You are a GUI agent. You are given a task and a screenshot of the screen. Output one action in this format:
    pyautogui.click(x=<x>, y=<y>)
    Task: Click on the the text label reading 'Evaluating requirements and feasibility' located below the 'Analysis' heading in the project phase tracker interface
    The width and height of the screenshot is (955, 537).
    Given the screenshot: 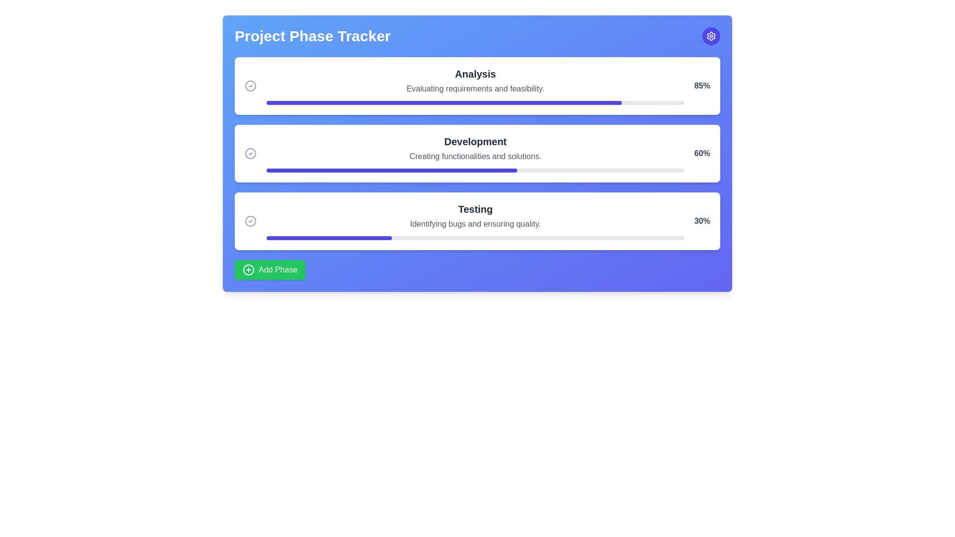 What is the action you would take?
    pyautogui.click(x=475, y=88)
    